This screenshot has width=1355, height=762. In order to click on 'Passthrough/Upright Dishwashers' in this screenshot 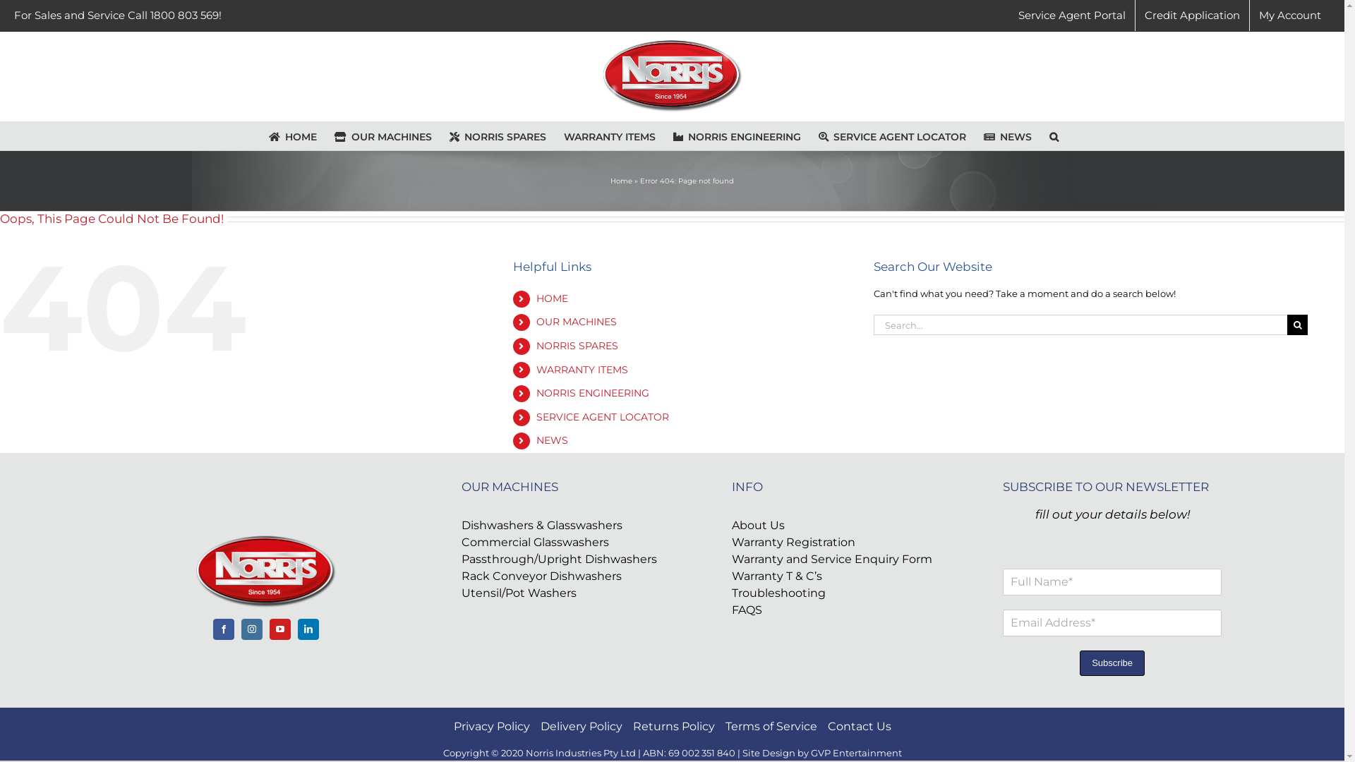, I will do `click(571, 559)`.